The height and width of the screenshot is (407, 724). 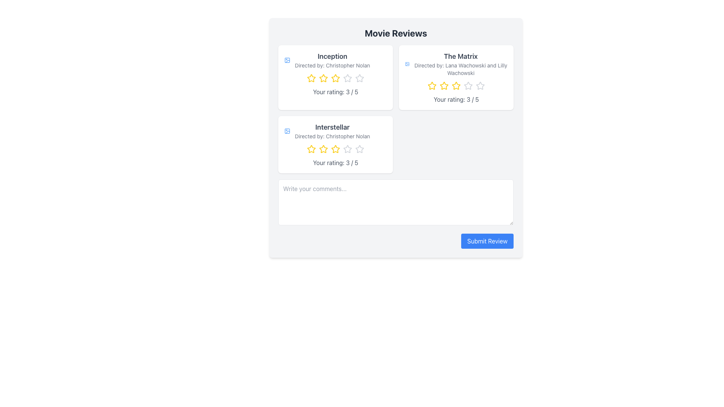 I want to click on the fourth star icon in the rating component for the movie 'Inception', so click(x=359, y=78).